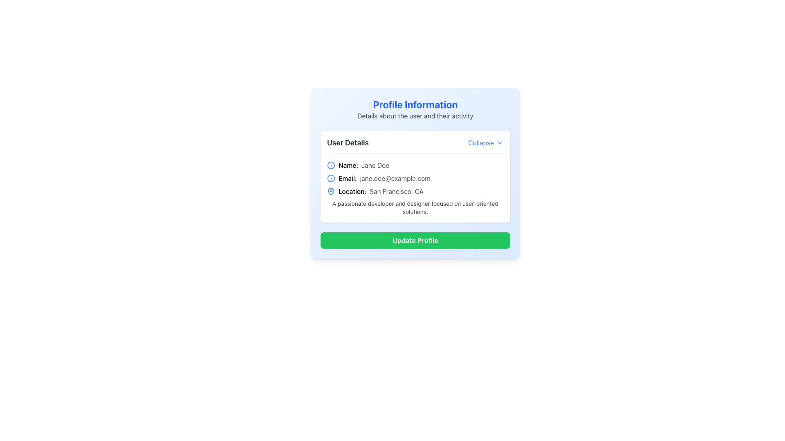  Describe the element at coordinates (331, 178) in the screenshot. I see `the informational icon located to the left of the text 'Email: jane.doe@example.com' in the 'User Details' section` at that location.